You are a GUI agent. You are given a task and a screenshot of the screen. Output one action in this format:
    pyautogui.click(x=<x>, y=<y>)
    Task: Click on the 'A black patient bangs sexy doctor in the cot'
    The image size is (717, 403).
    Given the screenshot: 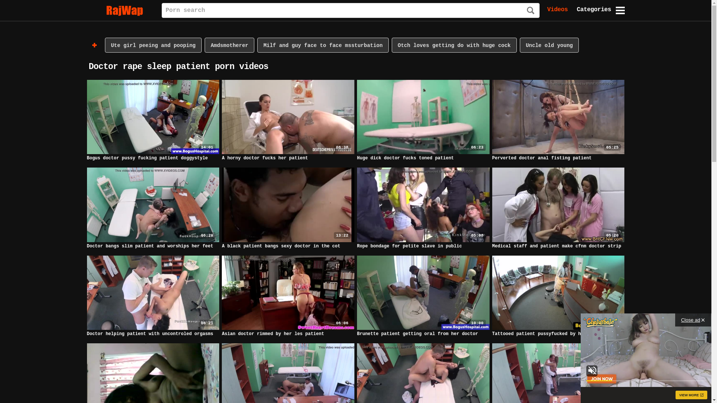 What is the action you would take?
    pyautogui.click(x=280, y=246)
    